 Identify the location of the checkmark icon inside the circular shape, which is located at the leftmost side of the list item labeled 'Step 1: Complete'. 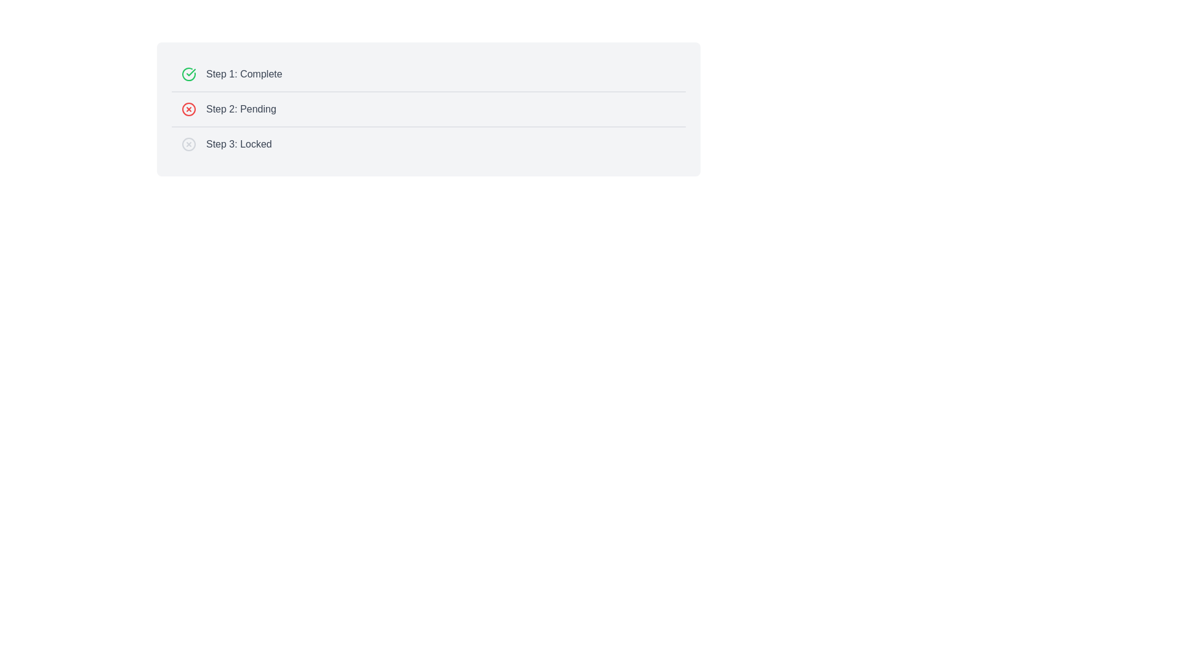
(190, 73).